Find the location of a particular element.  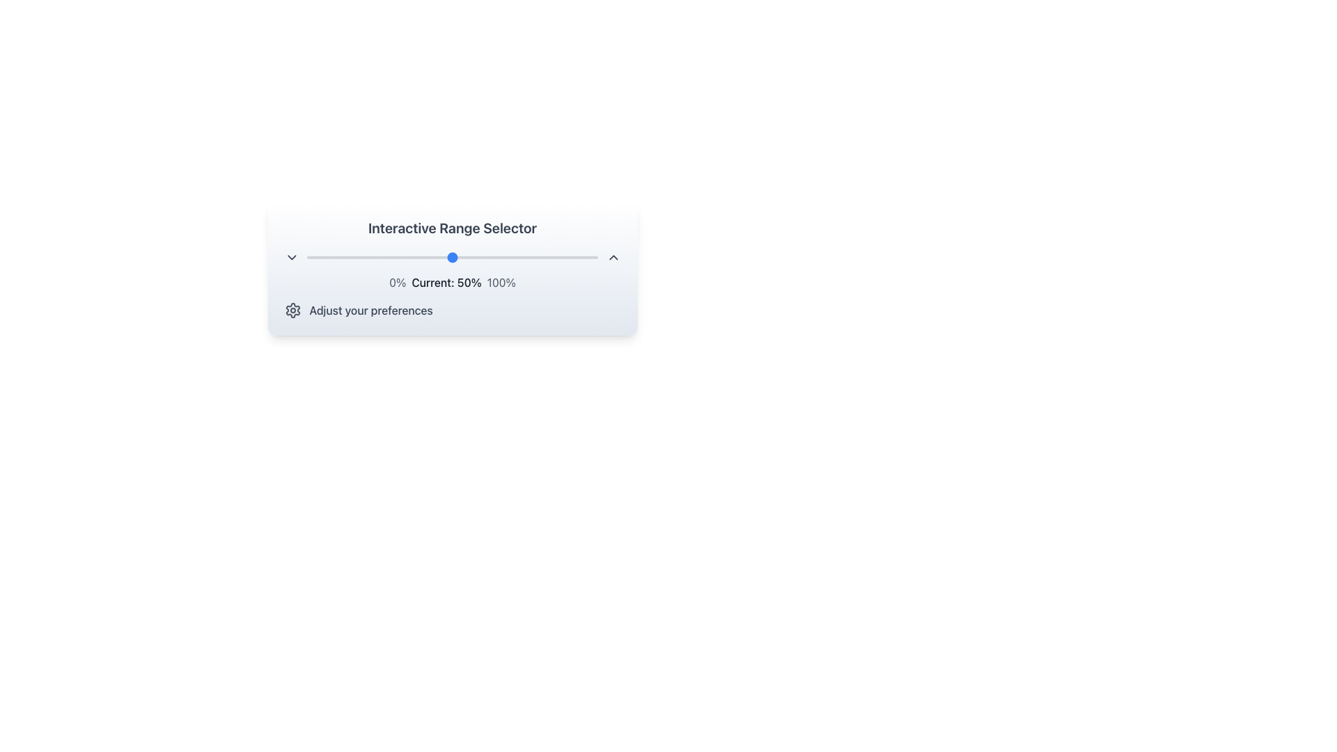

the text label that reads 'Current: 50%', which is positioned between the '0%' and '100%' labels above the horizontal slider in an Interactive Range Selector is located at coordinates (446, 282).